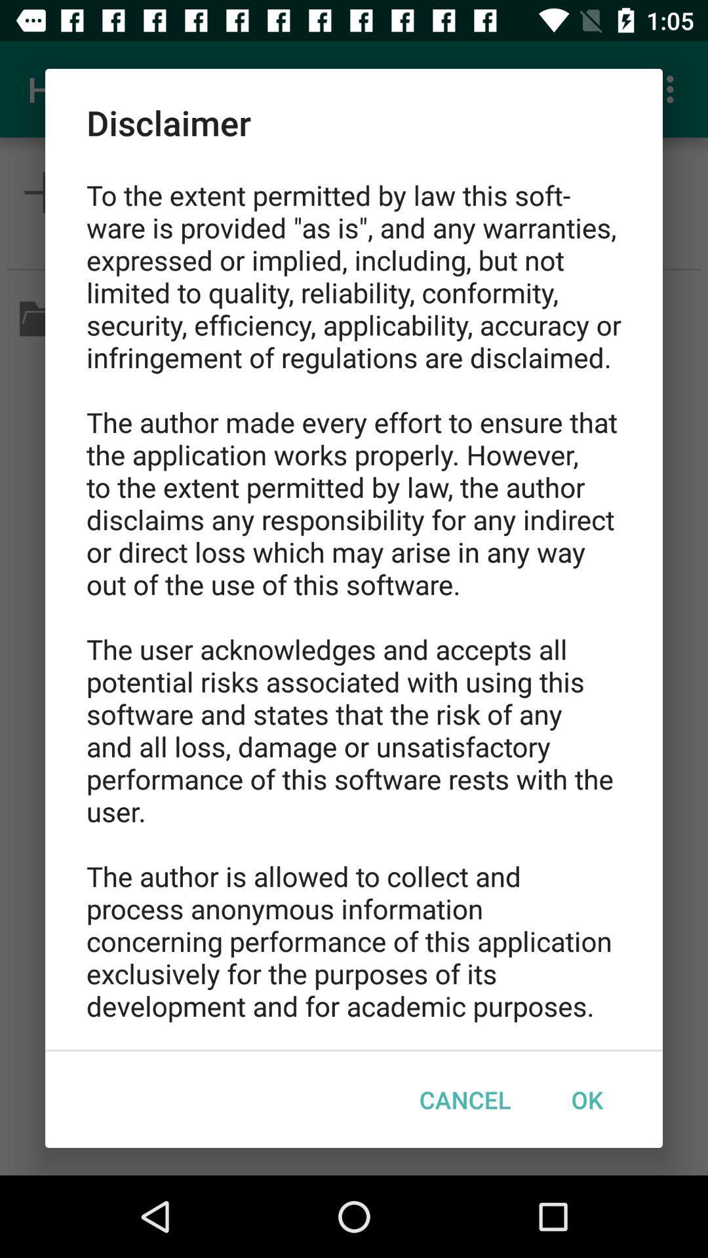 The width and height of the screenshot is (708, 1258). What do you see at coordinates (464, 1099) in the screenshot?
I see `icon next to the ok` at bounding box center [464, 1099].